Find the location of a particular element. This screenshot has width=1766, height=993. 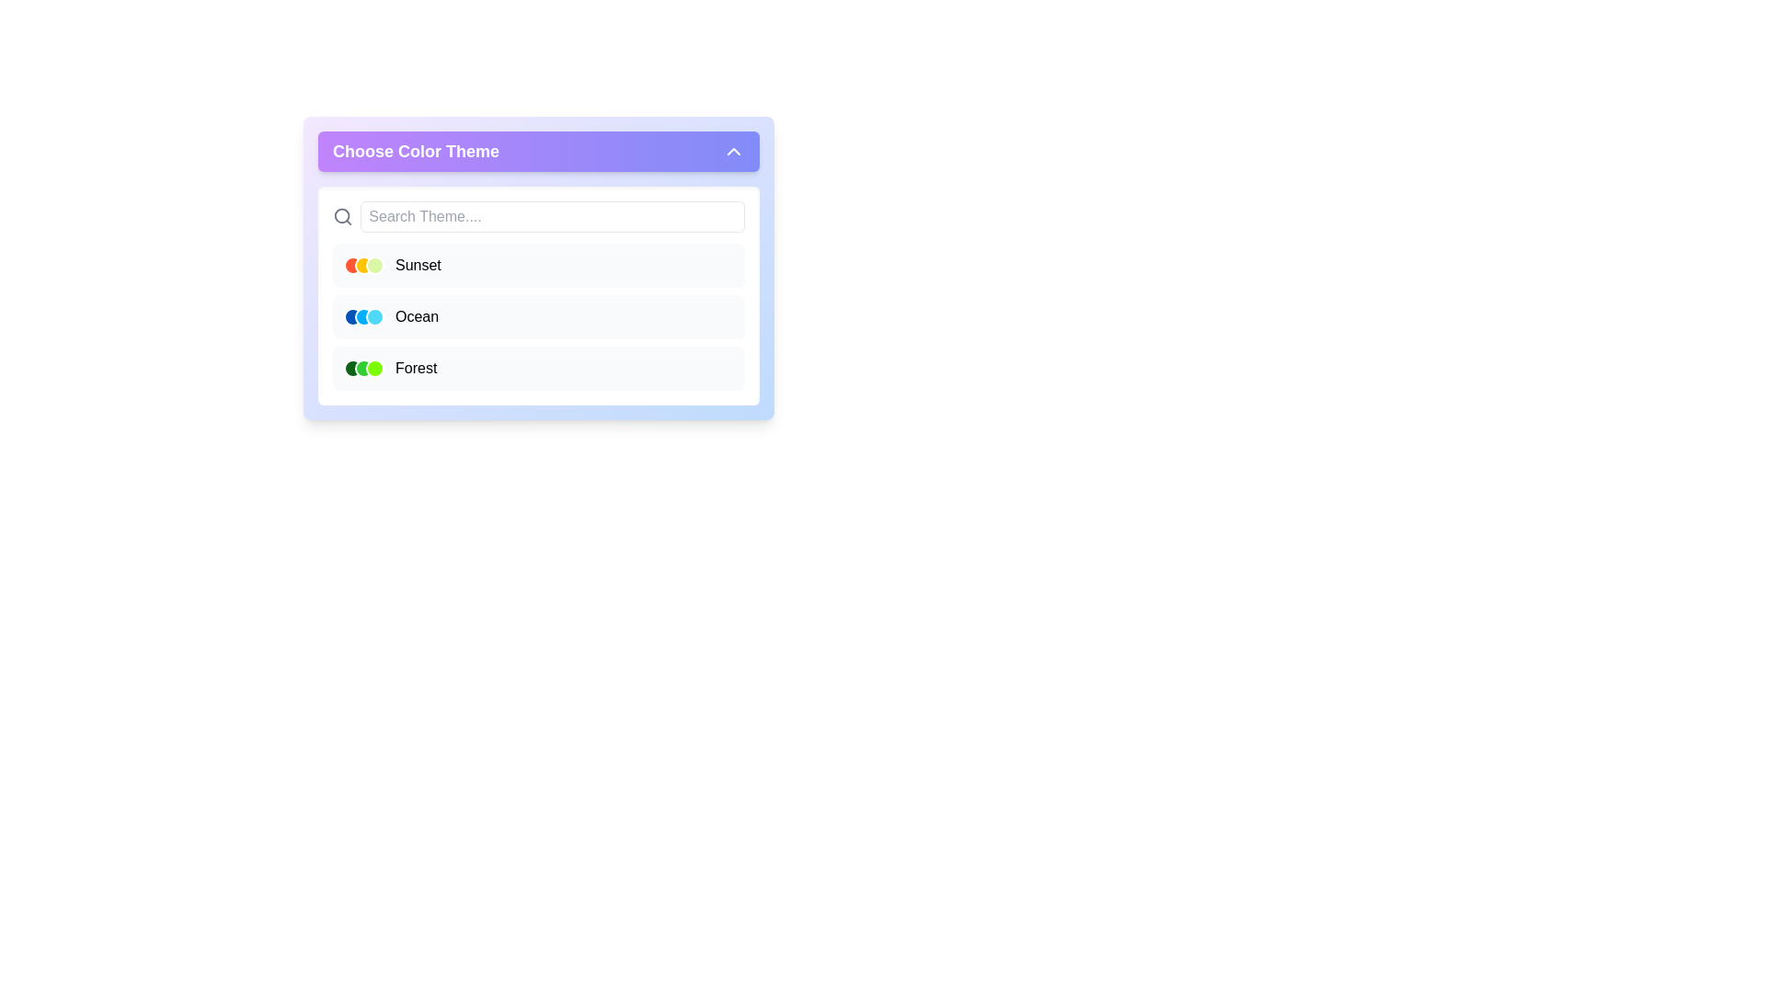

the Icon group representing the theme option for the 'Forest' entry in the 'Choose Color Theme' dropdown menu to associate it with the 'Forest' theme is located at coordinates (363, 369).